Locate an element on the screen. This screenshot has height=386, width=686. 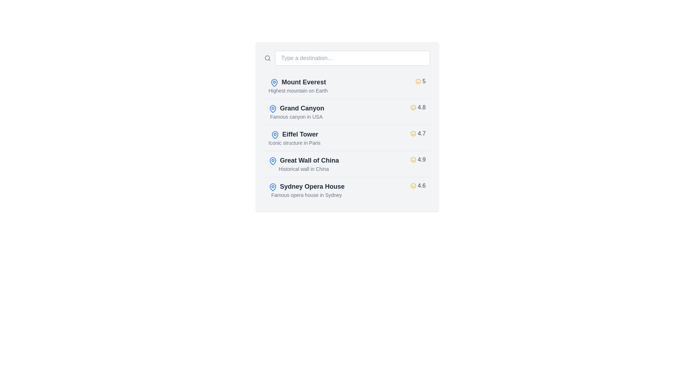
the text label reading 'Historical wall in China', which is styled in a small gray sans-serif font and located below the title 'Great Wall of China' is located at coordinates (304, 169).